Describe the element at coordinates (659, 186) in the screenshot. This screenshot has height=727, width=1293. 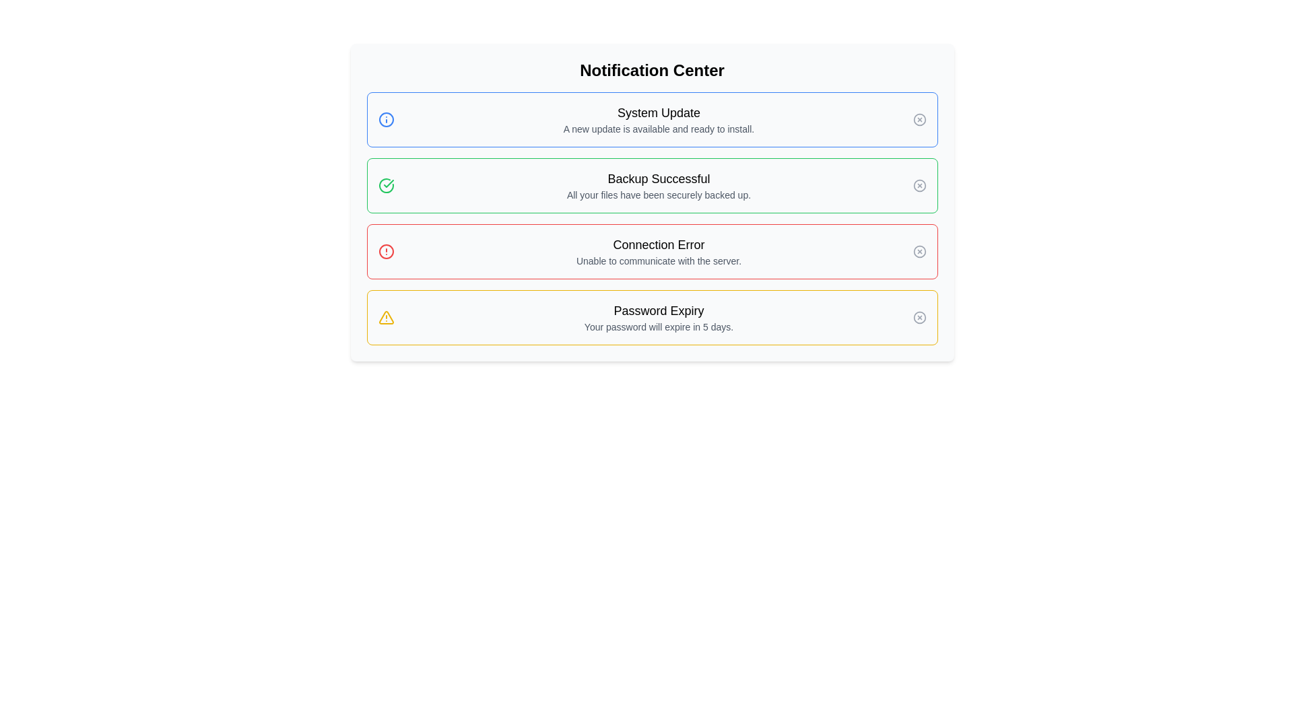
I see `the informational text element that displays 'Backup Successful' and 'All your files have been securely backed up.'` at that location.